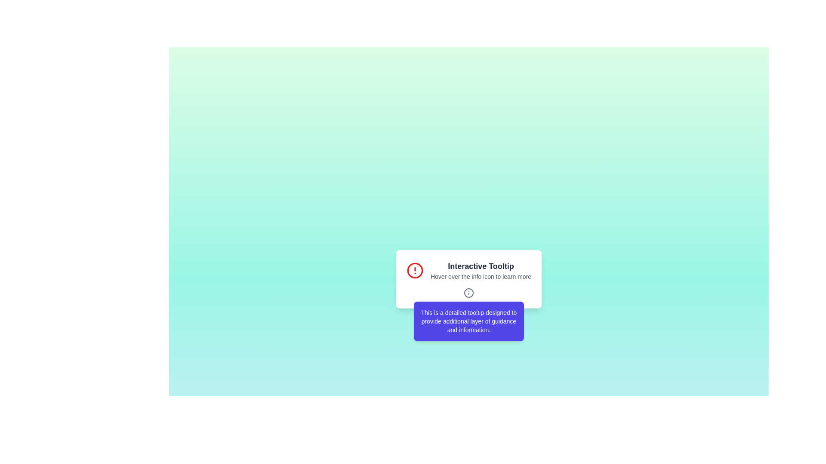 This screenshot has height=464, width=826. Describe the element at coordinates (415, 270) in the screenshot. I see `the SVG circle component that represents the circular outline of the alert symbol in the top-left corner of the 'Interactive Tooltip' rectangular tooltip box` at that location.